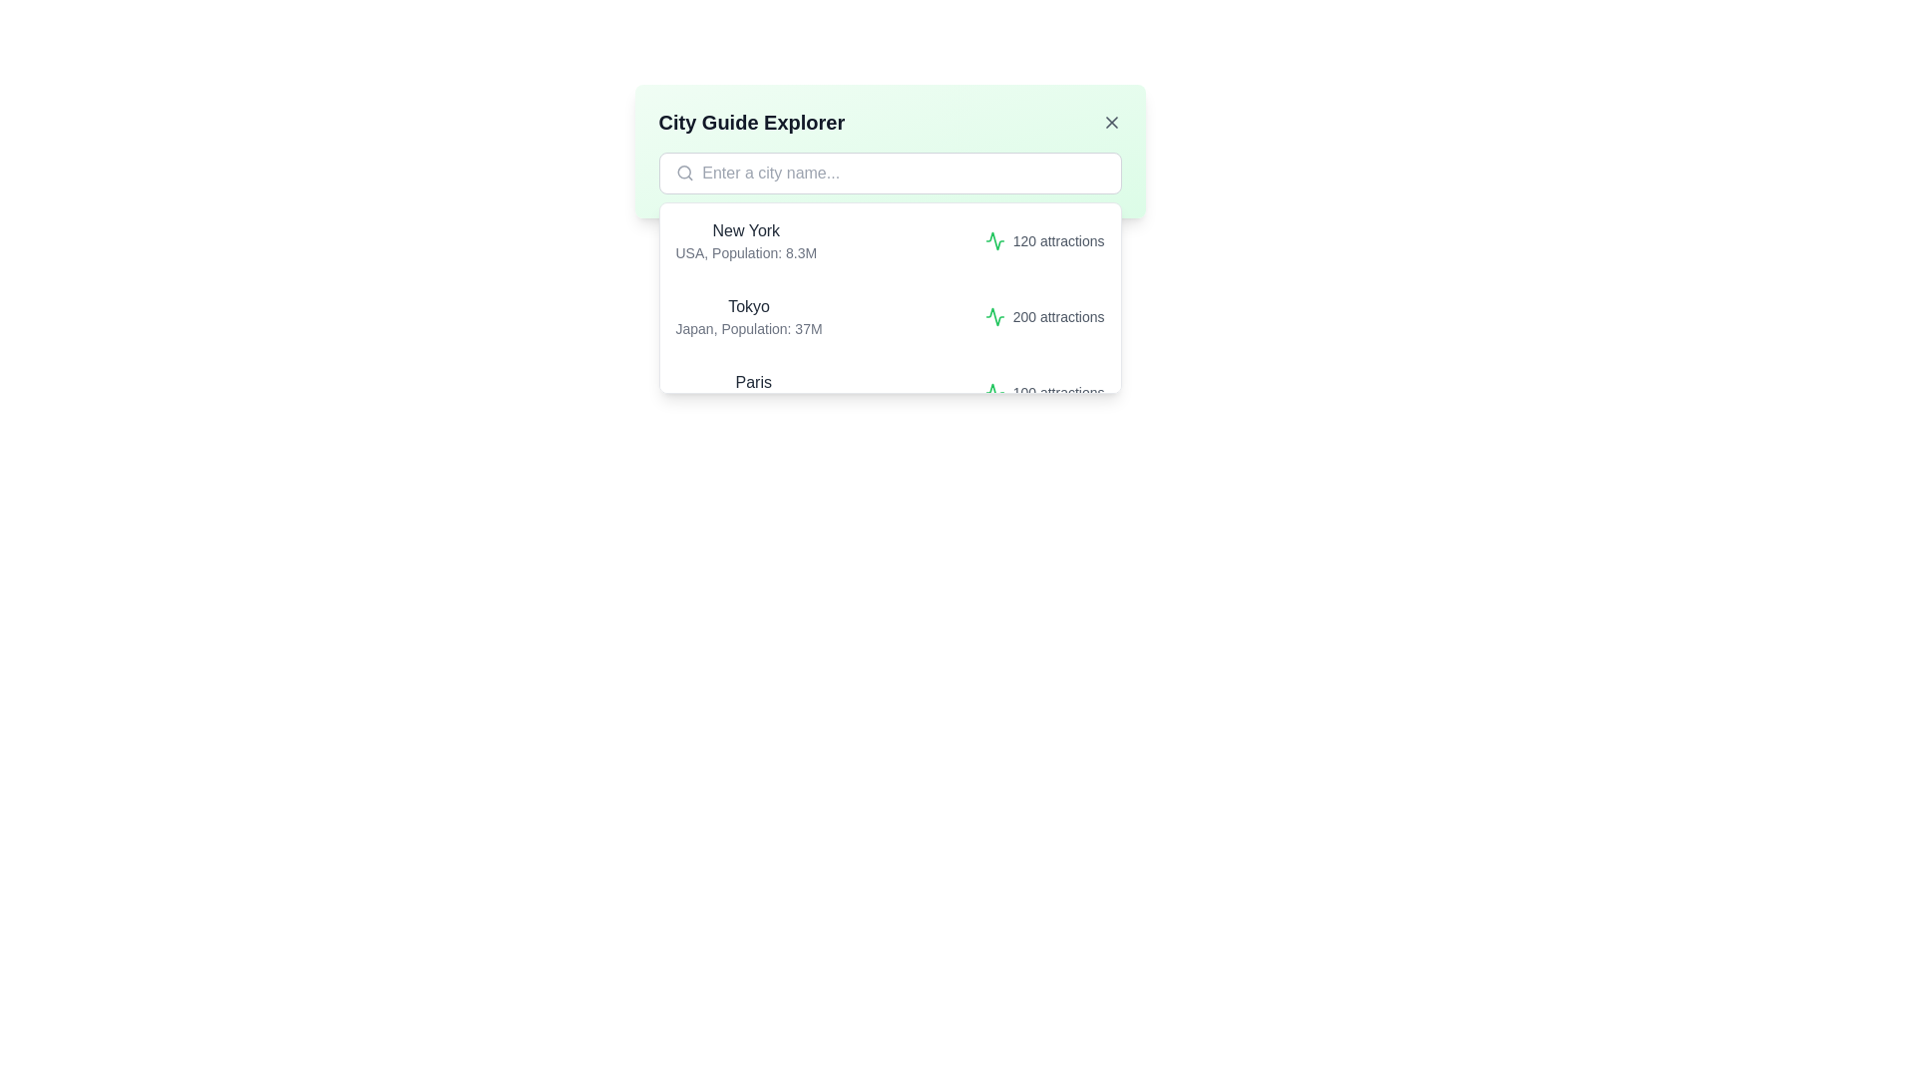 Image resolution: width=1915 pixels, height=1077 pixels. I want to click on the text label that reads 'Japan, Population: 37M', which is styled in a smaller gray font and located directly beneath 'Tokyo', so click(748, 328).